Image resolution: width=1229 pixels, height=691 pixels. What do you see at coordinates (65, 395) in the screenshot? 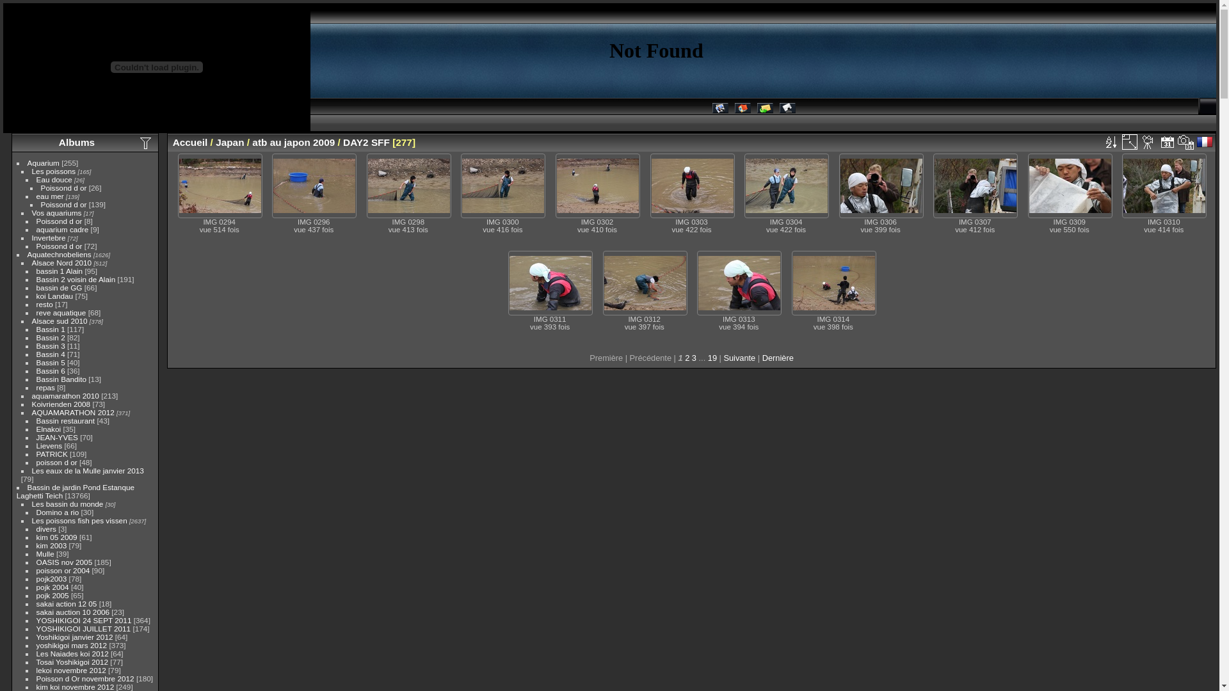
I see `'aquamarathon 2010'` at bounding box center [65, 395].